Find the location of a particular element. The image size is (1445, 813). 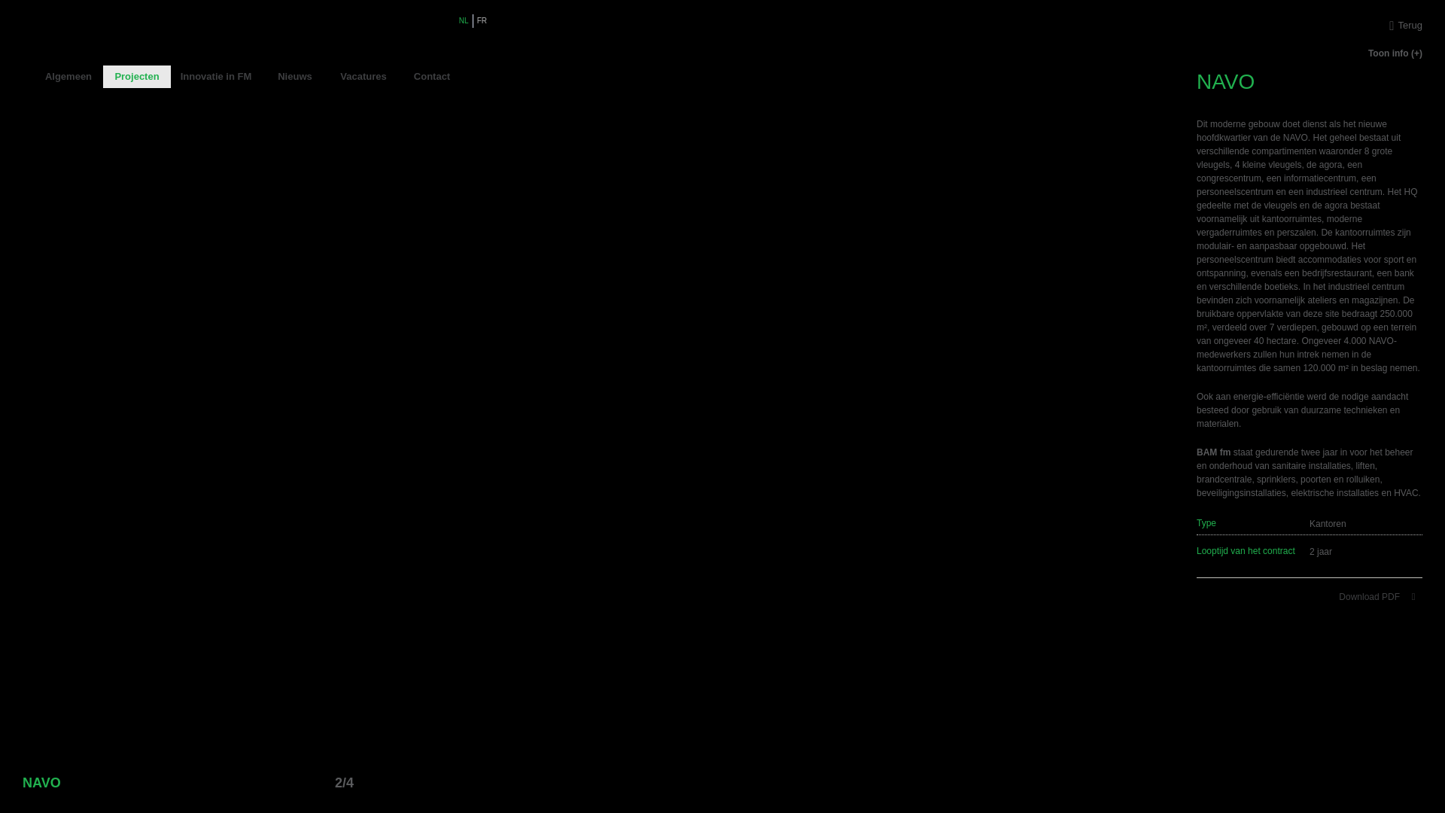

'FR' is located at coordinates (480, 20).